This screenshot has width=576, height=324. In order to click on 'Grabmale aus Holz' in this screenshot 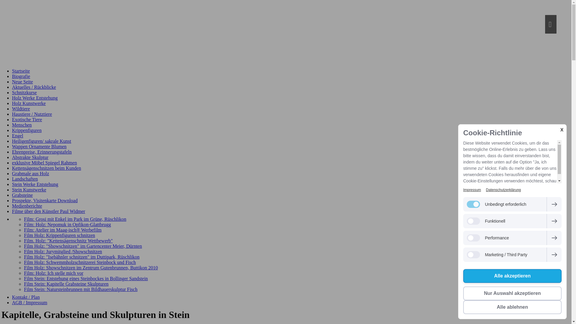, I will do `click(30, 173)`.